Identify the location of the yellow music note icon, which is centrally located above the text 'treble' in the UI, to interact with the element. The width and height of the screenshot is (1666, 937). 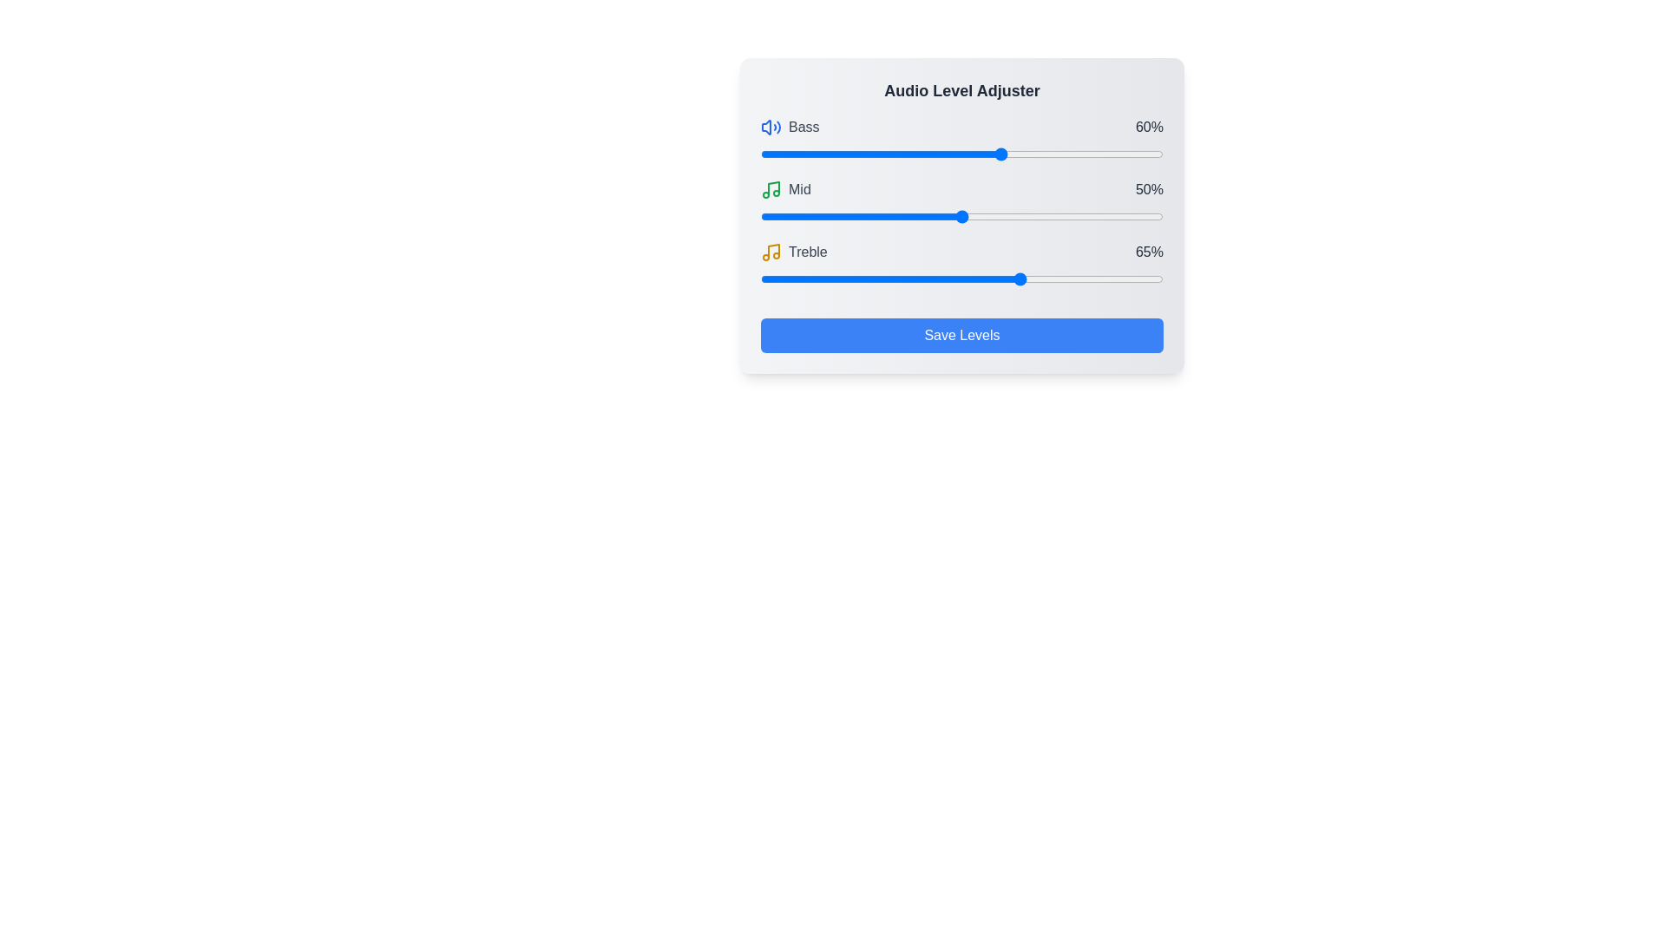
(770, 252).